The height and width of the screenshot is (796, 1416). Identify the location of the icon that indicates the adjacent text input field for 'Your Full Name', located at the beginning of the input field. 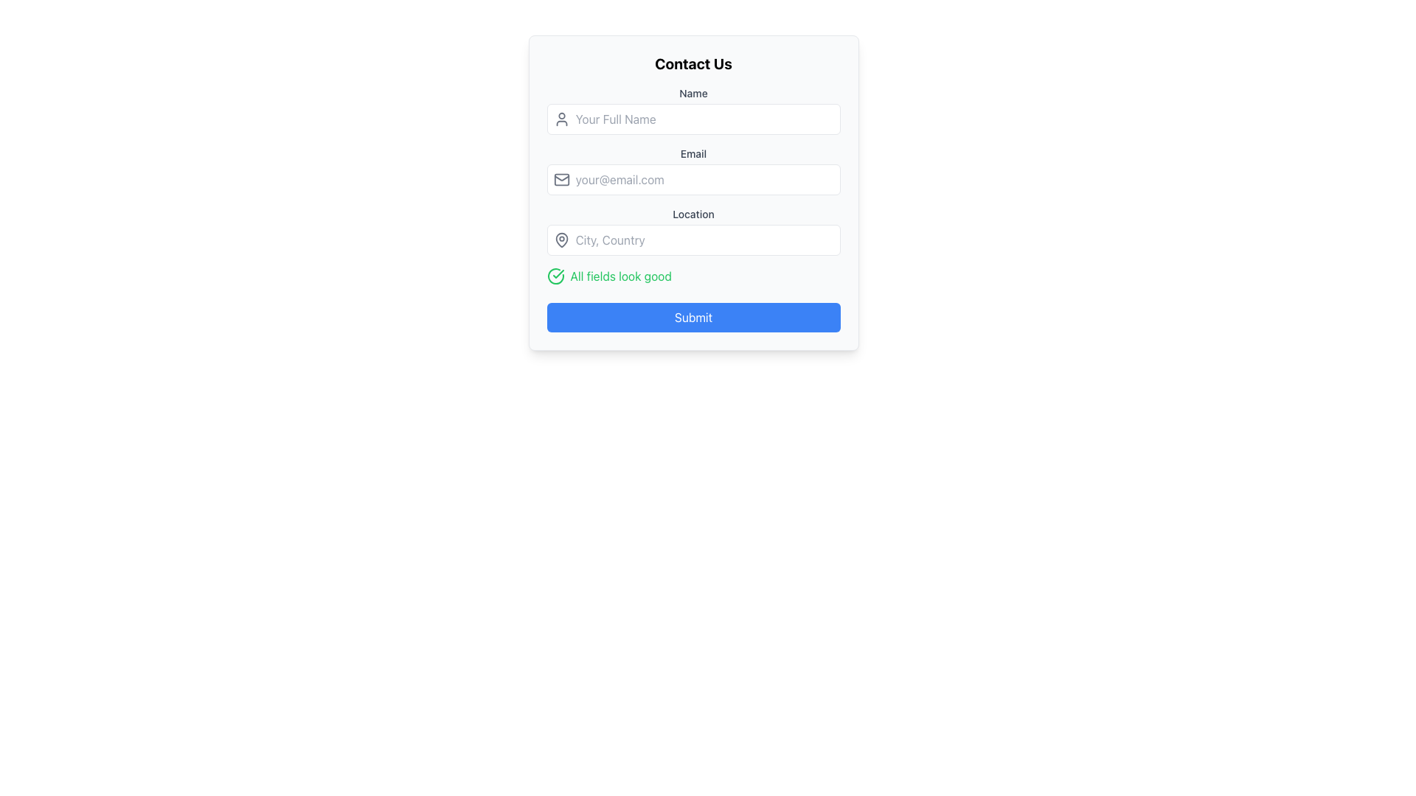
(560, 119).